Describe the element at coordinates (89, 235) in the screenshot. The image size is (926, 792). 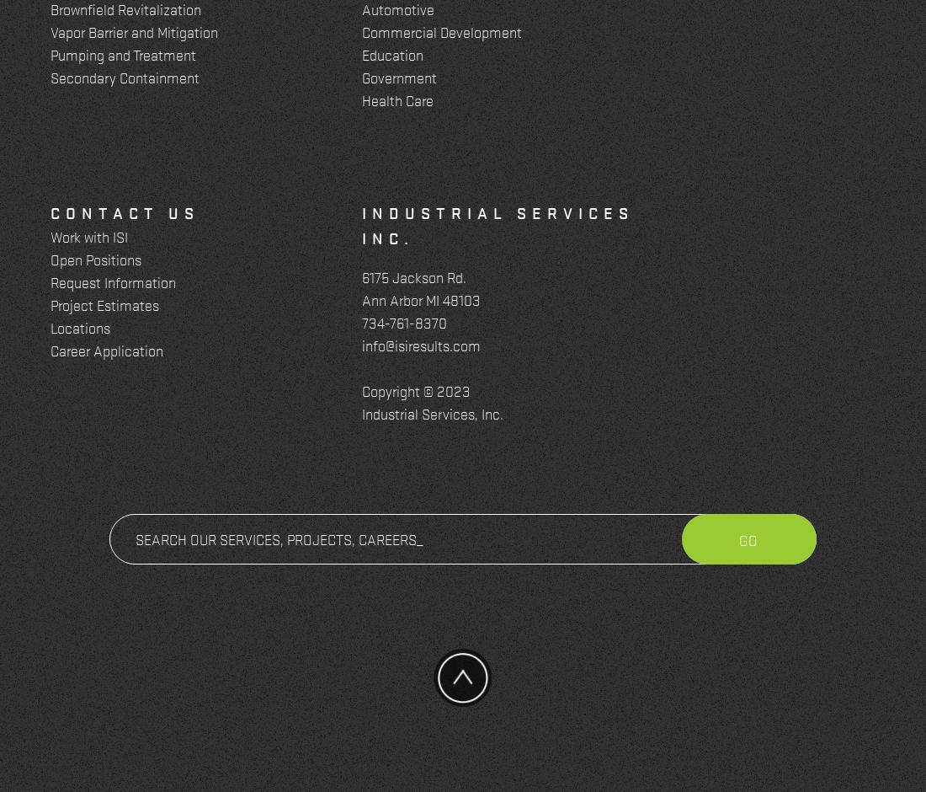
I see `'Work with ISI'` at that location.